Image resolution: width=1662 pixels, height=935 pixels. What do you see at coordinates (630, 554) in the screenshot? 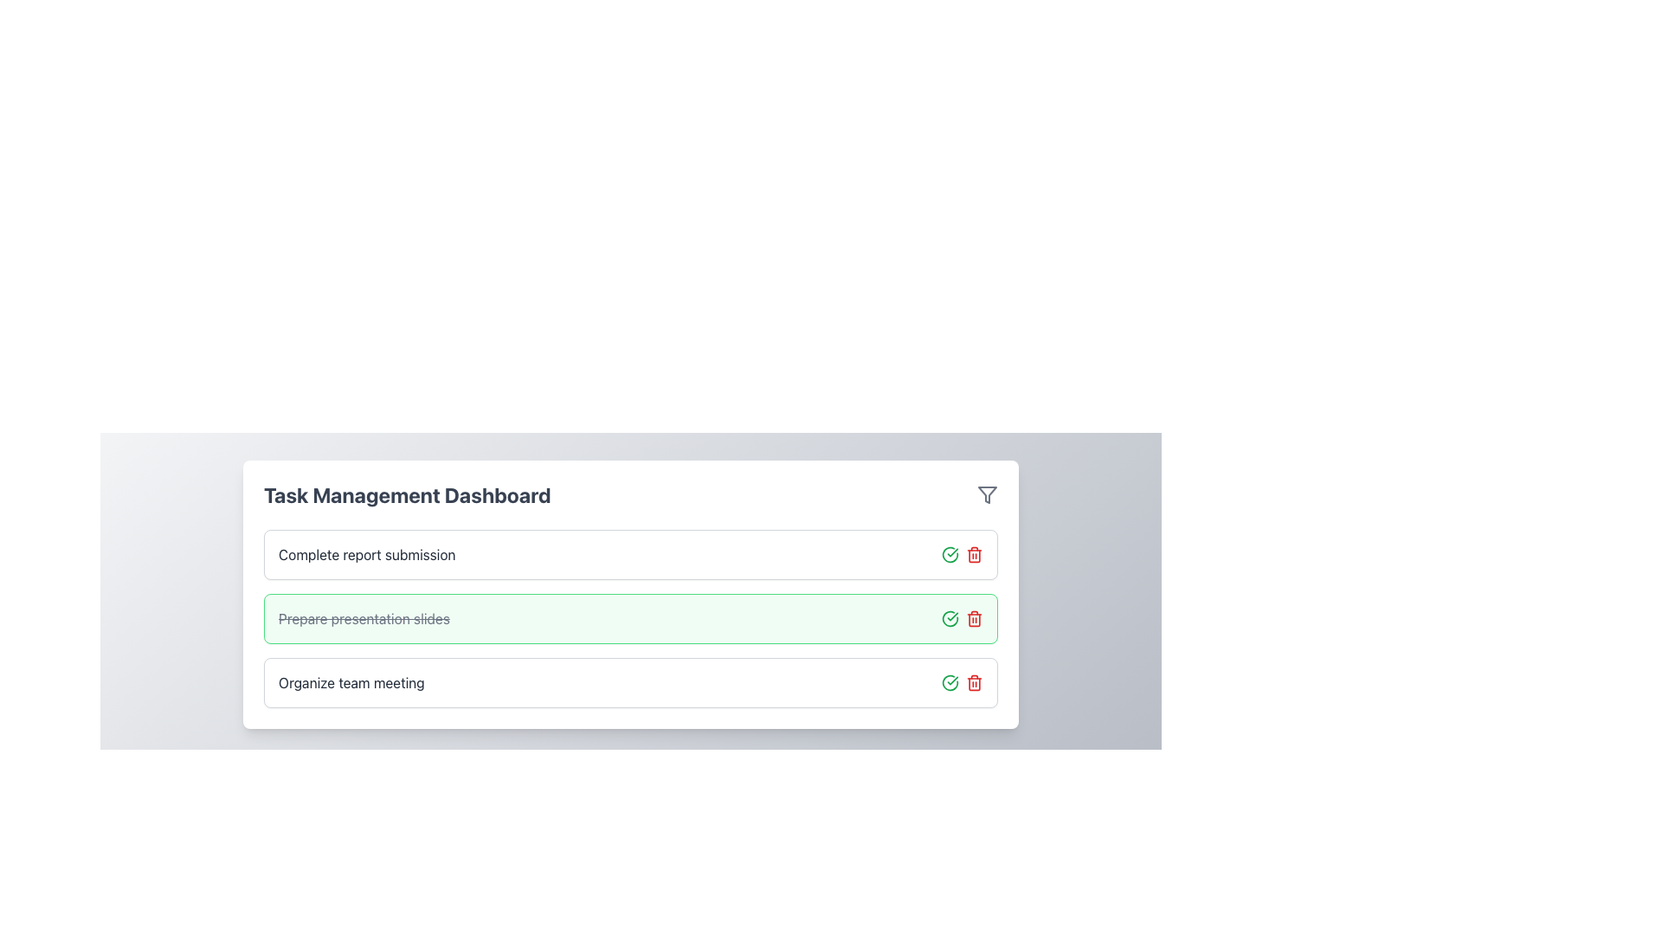
I see `the task labeled 'Complete report submission'` at bounding box center [630, 554].